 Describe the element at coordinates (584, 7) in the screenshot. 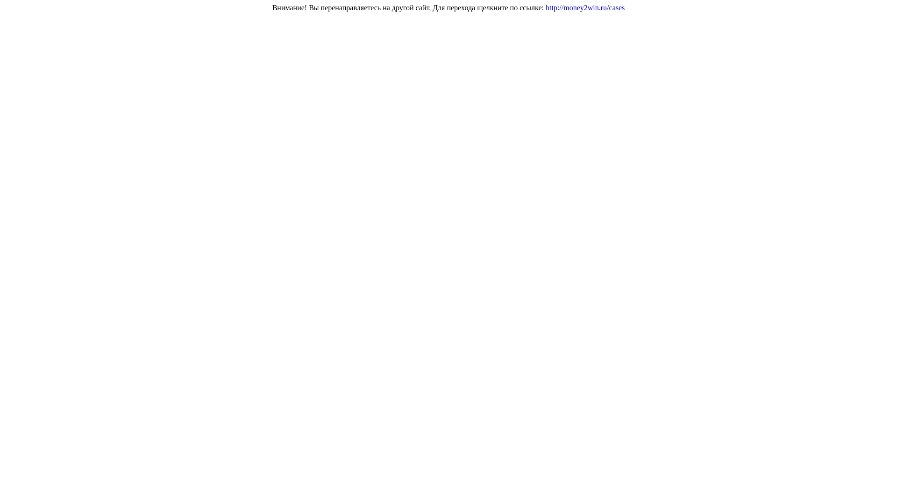

I see `'http://money2win.ru/cases'` at that location.